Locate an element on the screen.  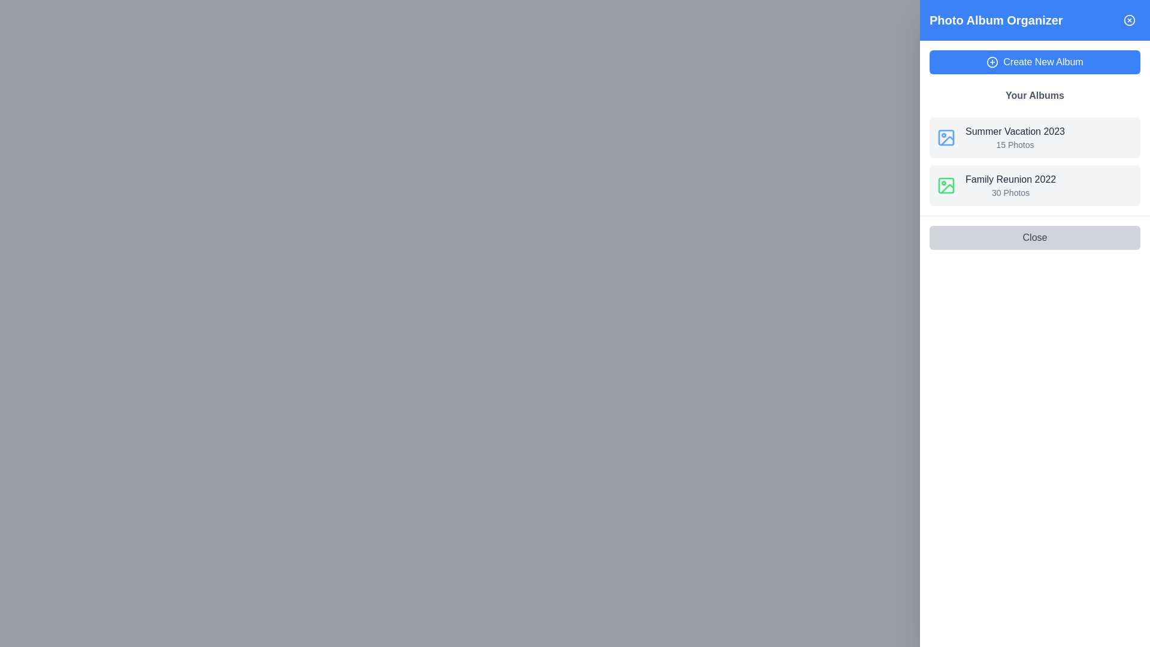
the decorative circular SVG graphic element that indicates addition or creation functionalities, located near the 'Create New Album' button in the top-right corner of the interface is located at coordinates (992, 62).